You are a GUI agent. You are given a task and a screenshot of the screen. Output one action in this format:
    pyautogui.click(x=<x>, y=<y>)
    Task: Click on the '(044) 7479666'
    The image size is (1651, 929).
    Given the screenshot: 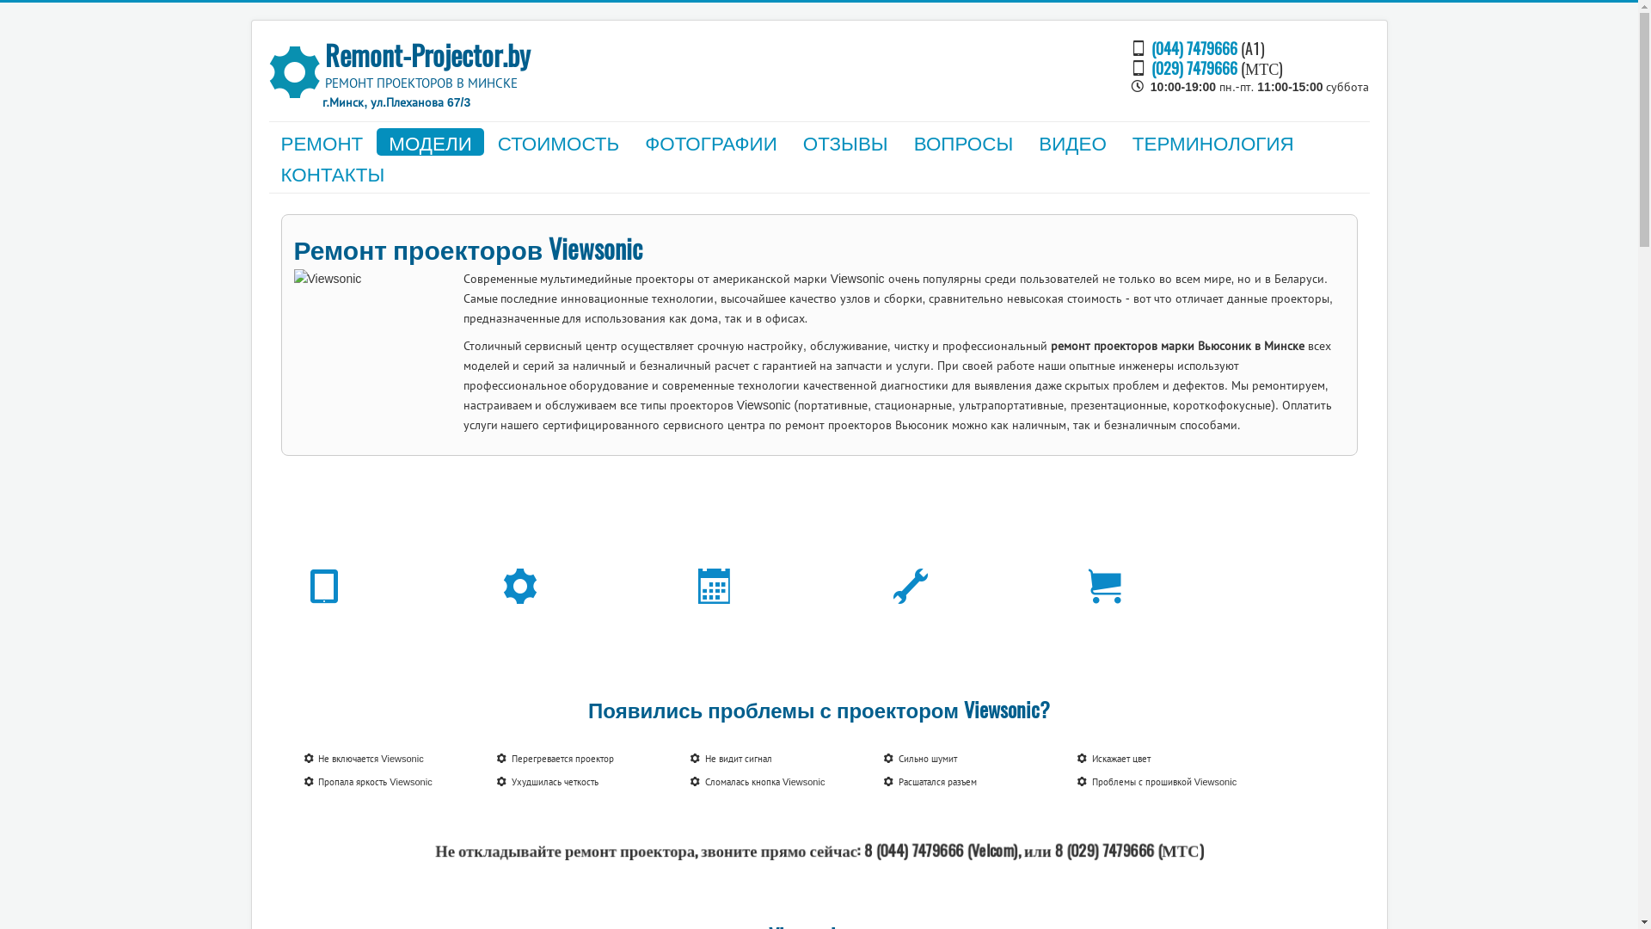 What is the action you would take?
    pyautogui.click(x=1193, y=46)
    